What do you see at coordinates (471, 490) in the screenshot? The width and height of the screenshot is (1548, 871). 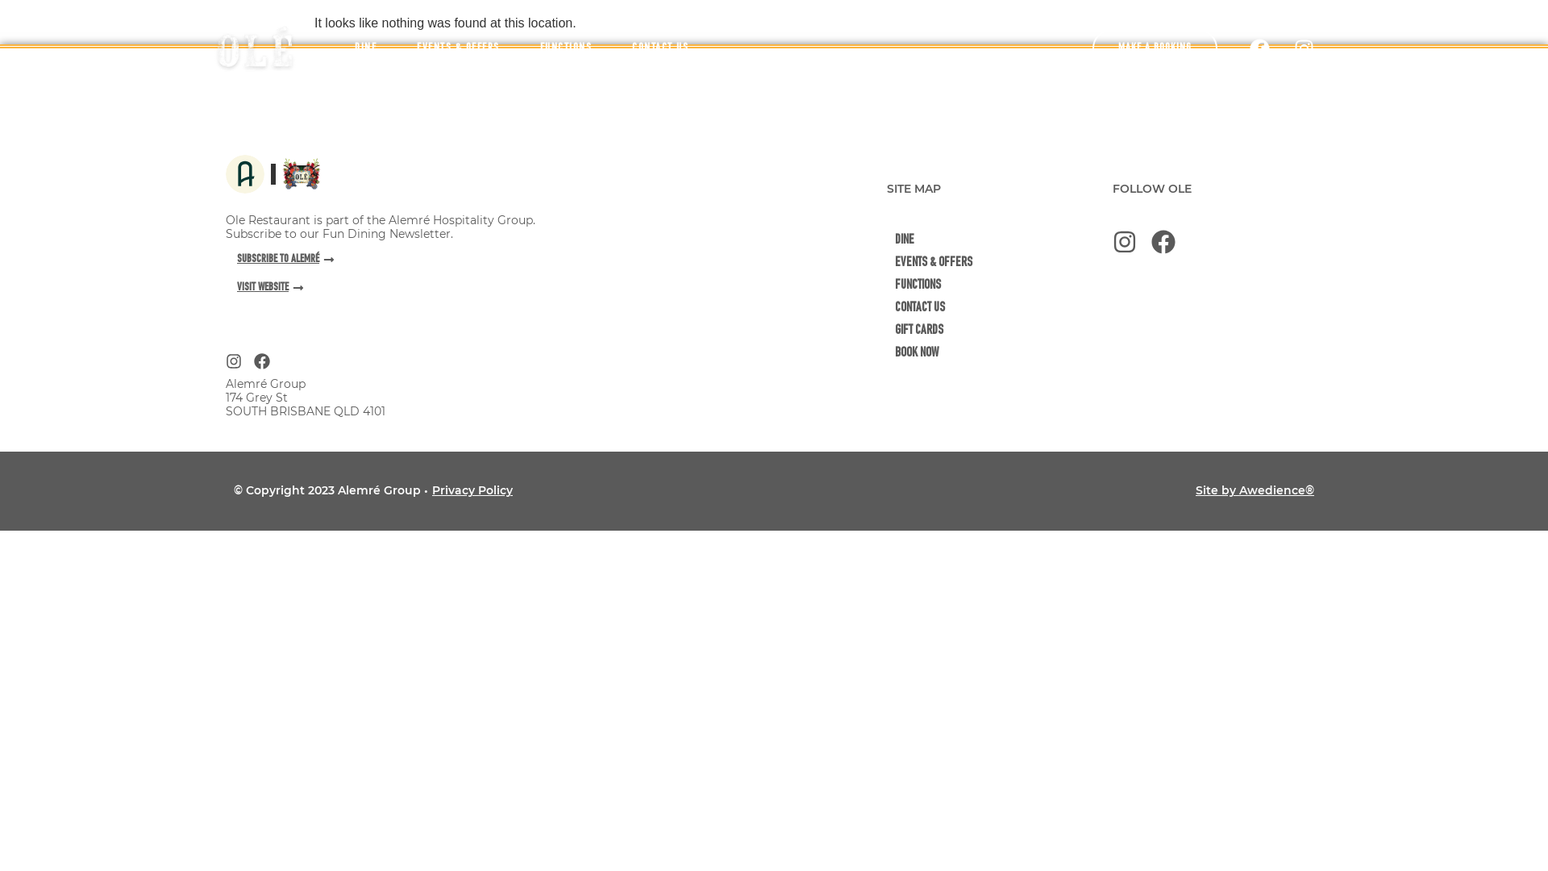 I see `'Privacy Policy'` at bounding box center [471, 490].